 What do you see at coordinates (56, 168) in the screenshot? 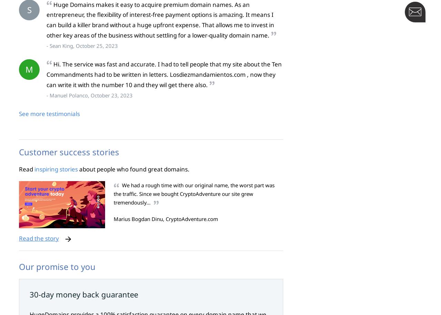
I see `'inspiring stories'` at bounding box center [56, 168].